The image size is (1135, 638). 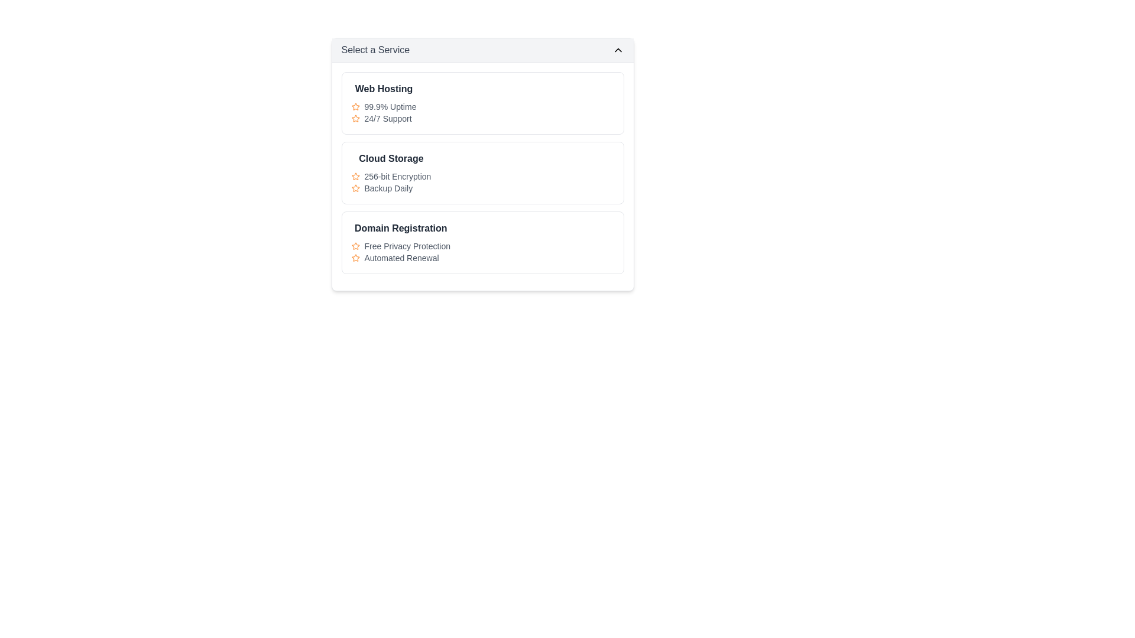 I want to click on text block with inline icons that describes the features of the 'Domain Registration' service, which is the second component under the 'Domain Registration' section, so click(x=401, y=252).